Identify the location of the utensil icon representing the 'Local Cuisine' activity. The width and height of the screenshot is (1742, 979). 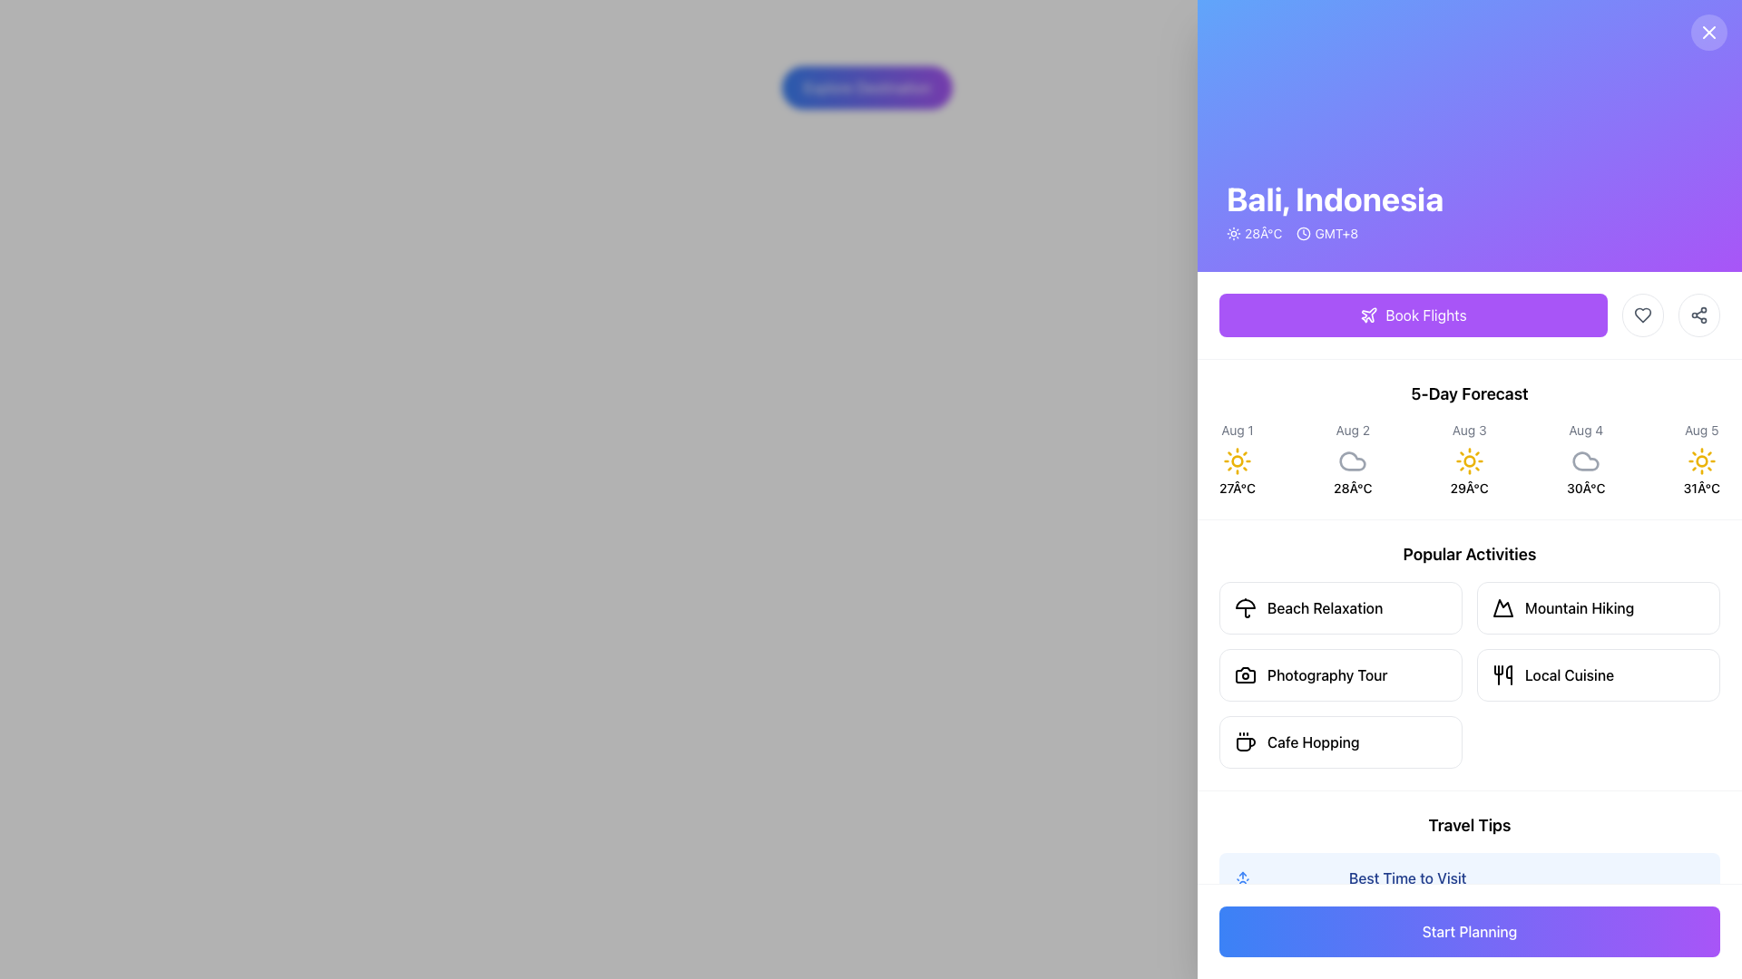
(1502, 674).